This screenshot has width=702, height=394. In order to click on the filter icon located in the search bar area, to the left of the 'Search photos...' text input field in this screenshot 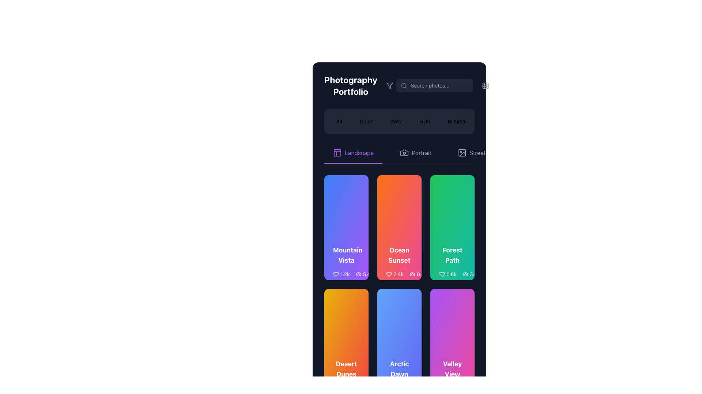, I will do `click(389, 85)`.